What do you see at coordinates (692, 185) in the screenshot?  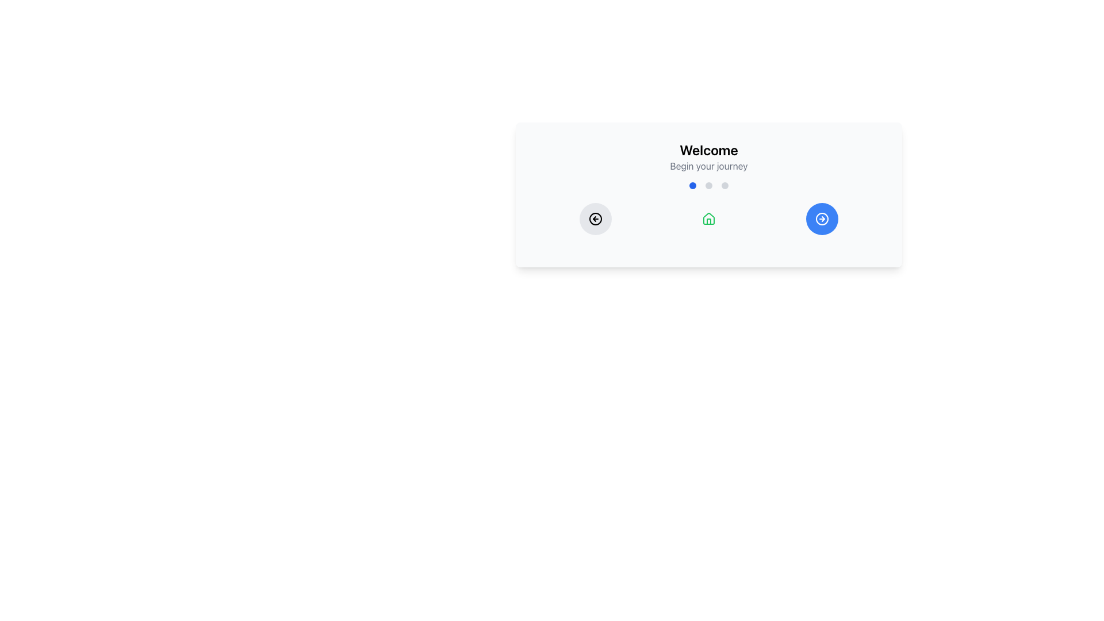 I see `the first blue circular indicator dot located centrally below the 'Welcome' header in the UI layout` at bounding box center [692, 185].